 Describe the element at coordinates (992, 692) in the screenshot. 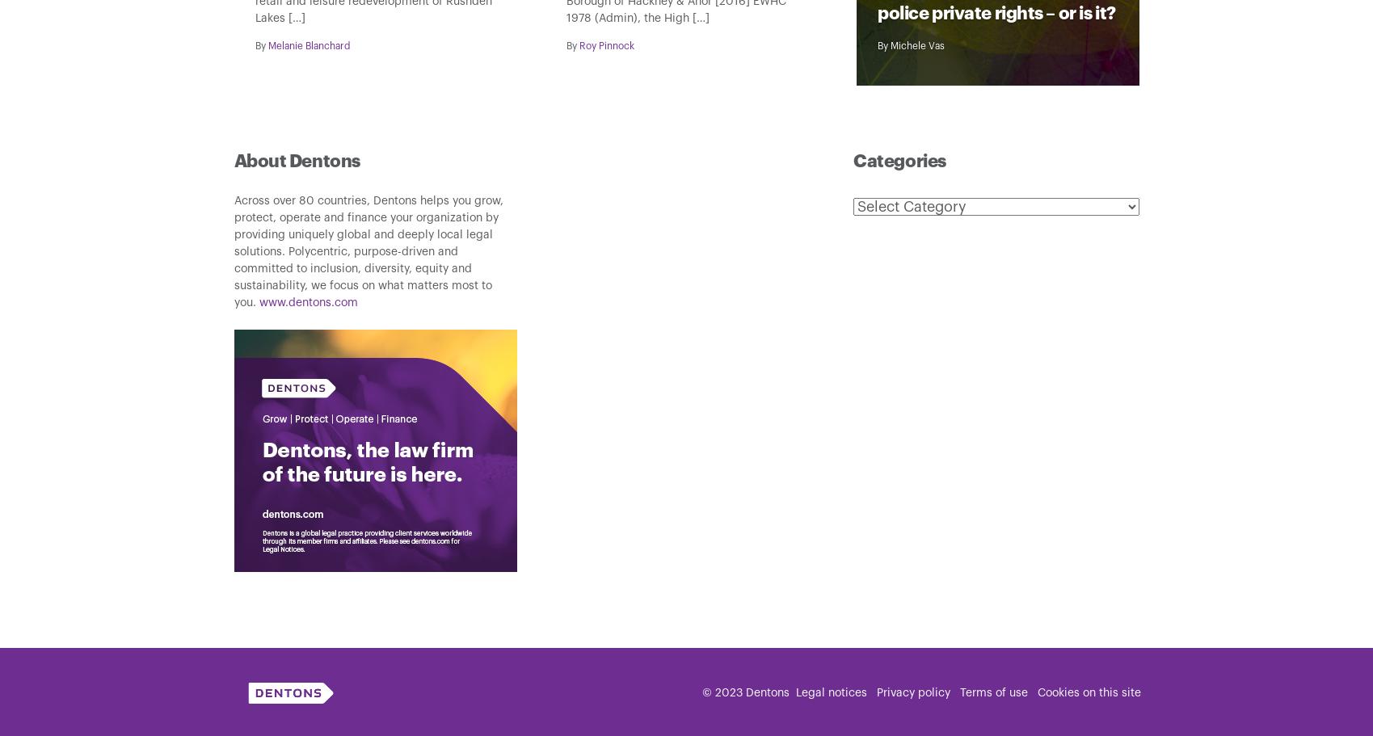

I see `'Terms of use'` at that location.